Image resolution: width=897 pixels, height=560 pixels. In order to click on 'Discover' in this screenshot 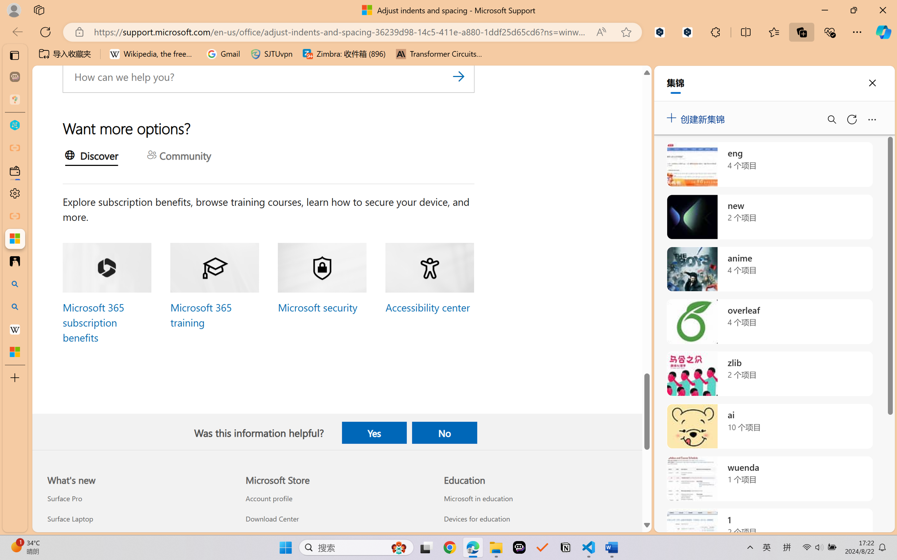, I will do `click(91, 156)`.